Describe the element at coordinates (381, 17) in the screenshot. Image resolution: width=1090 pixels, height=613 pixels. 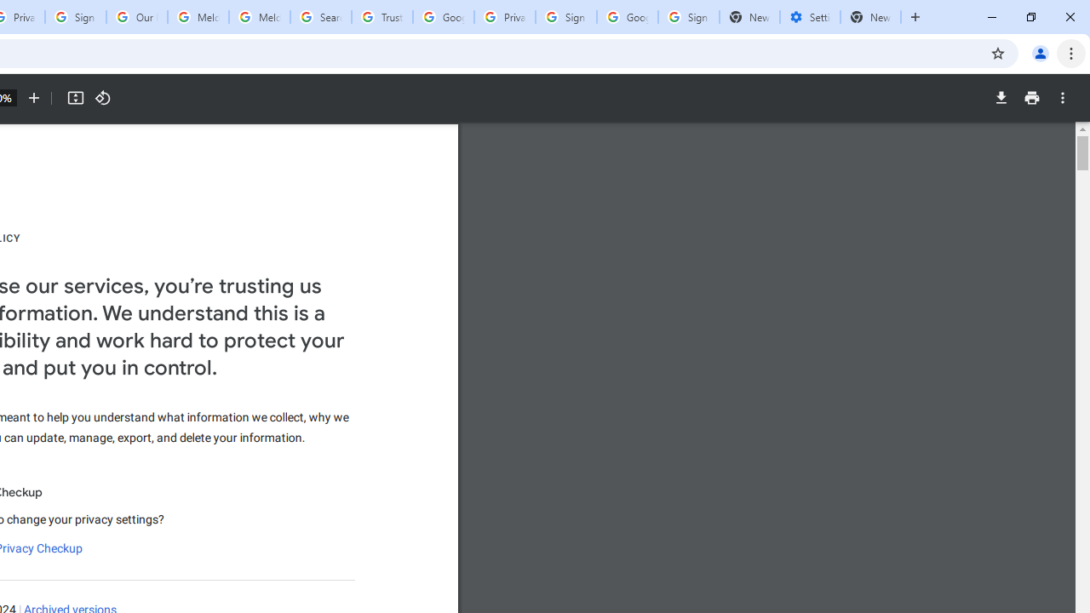
I see `'Trusted Information and Content - Google Safety Center'` at that location.